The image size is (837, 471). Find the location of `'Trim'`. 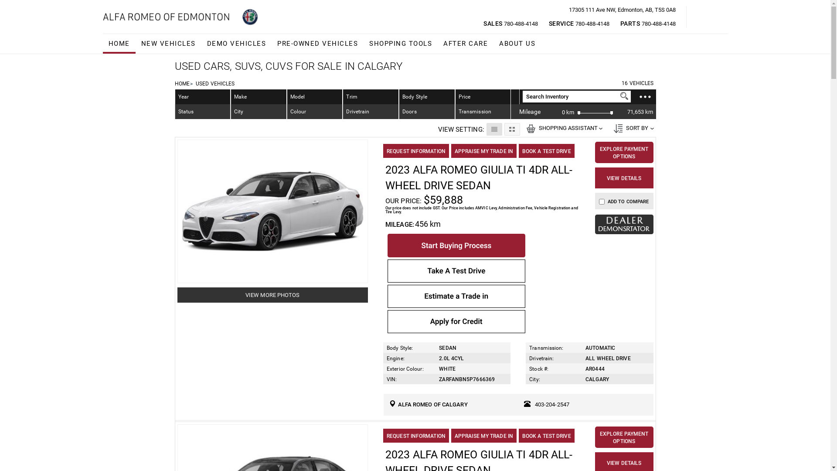

'Trim' is located at coordinates (343, 97).